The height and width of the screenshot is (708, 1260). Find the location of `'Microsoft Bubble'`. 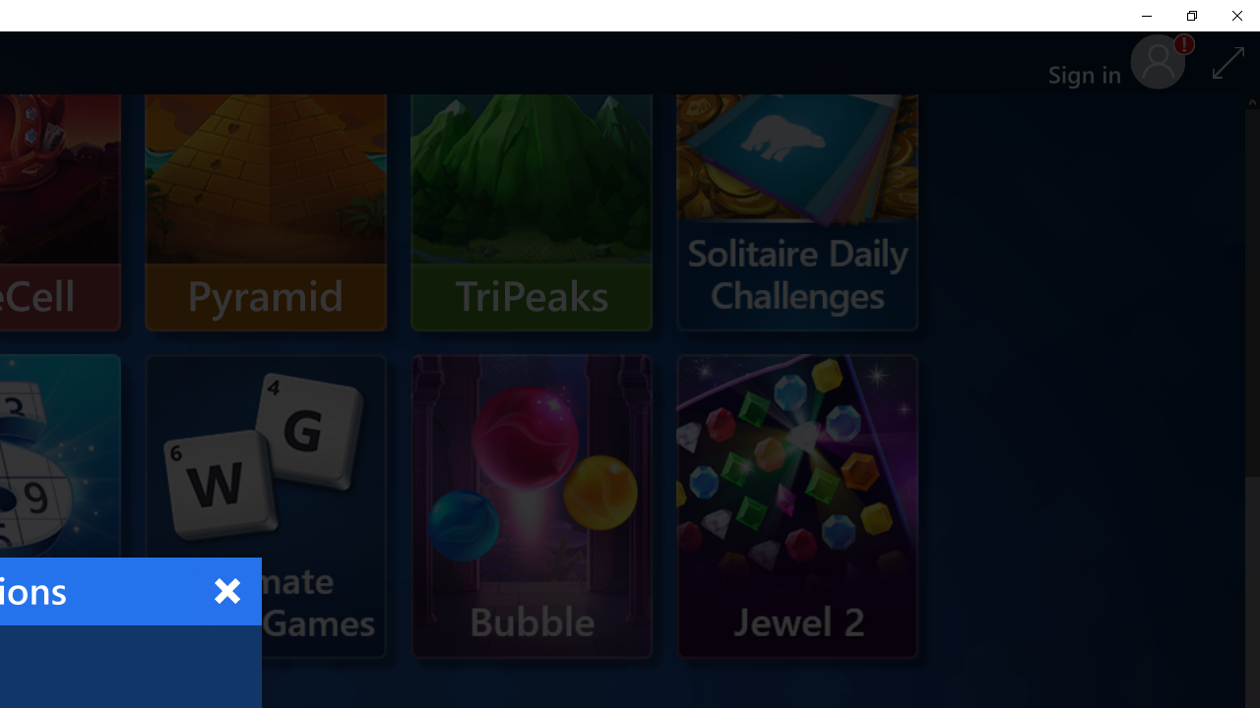

'Microsoft Bubble' is located at coordinates (532, 505).